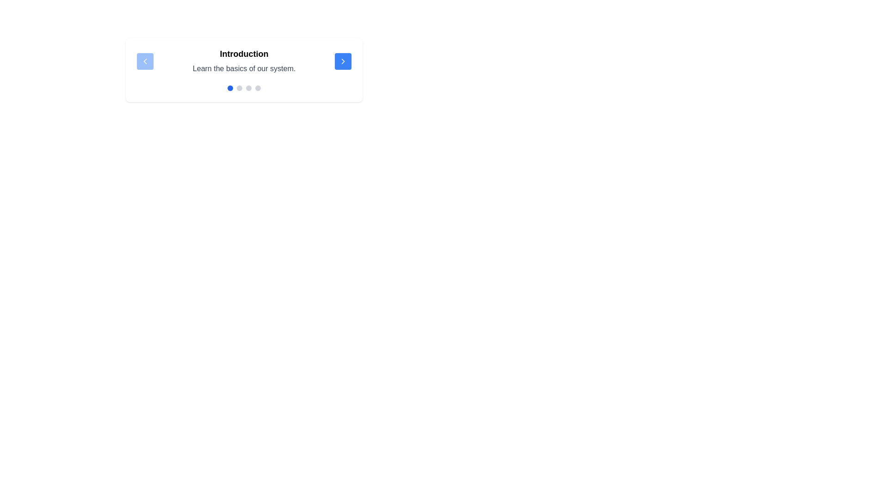 This screenshot has width=888, height=499. What do you see at coordinates (244, 68) in the screenshot?
I see `informative text displayed in the Text Label located below the 'Introduction' header` at bounding box center [244, 68].